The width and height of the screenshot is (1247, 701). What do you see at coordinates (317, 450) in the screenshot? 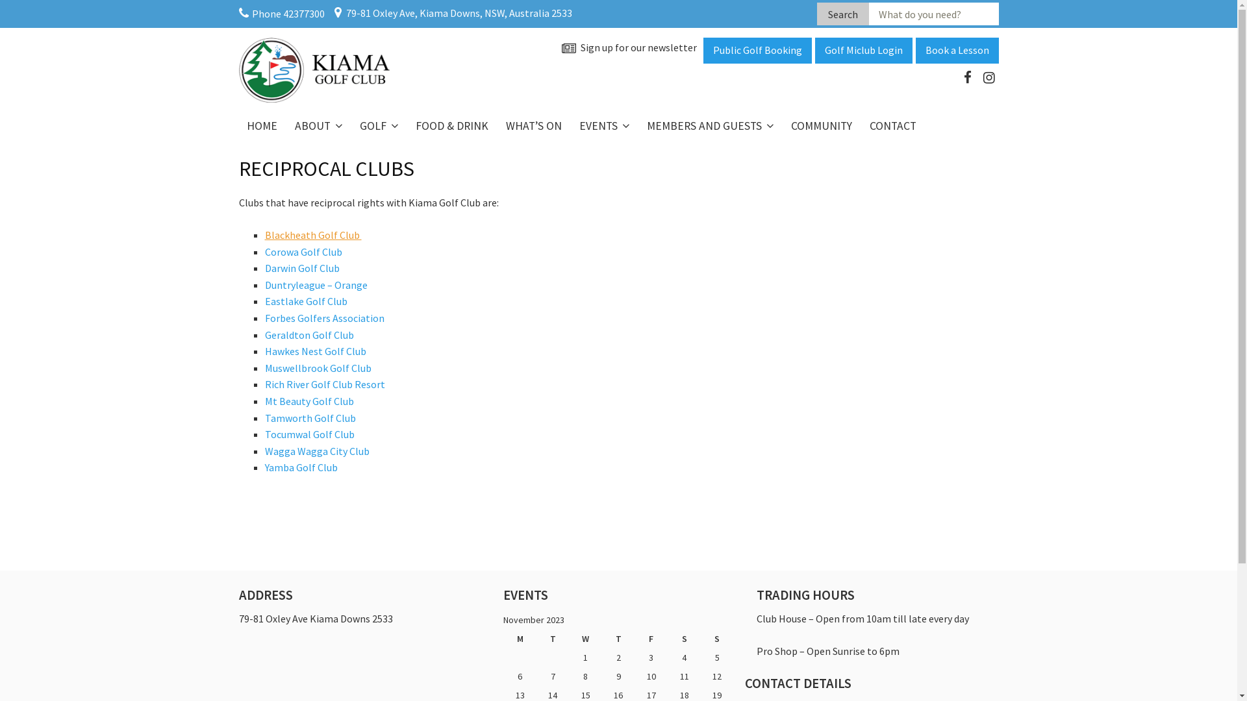
I see `'Wagga Wagga City Club'` at bounding box center [317, 450].